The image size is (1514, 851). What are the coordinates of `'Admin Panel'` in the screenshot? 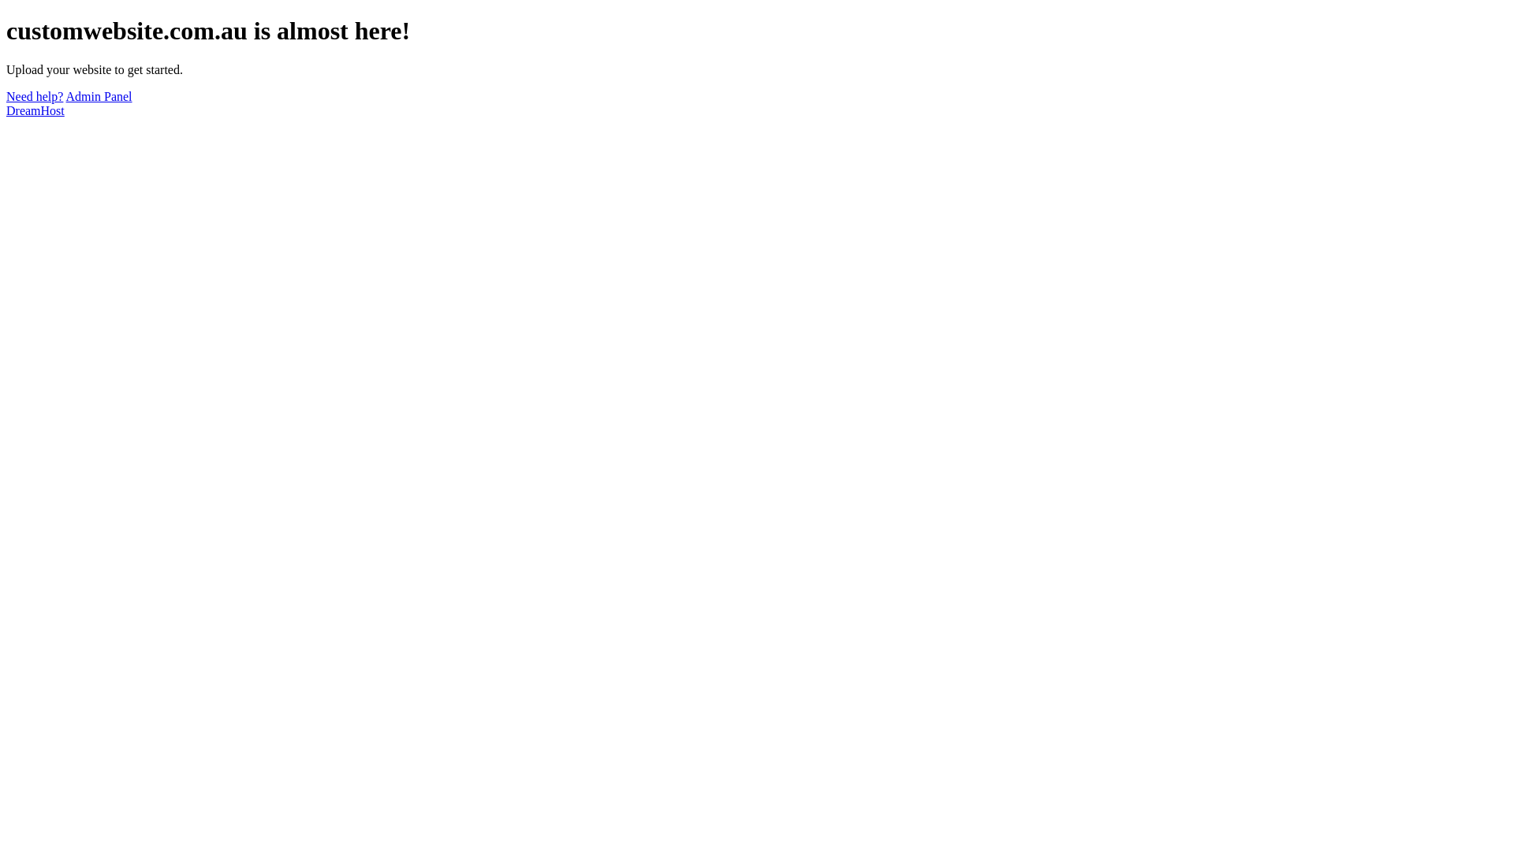 It's located at (98, 96).